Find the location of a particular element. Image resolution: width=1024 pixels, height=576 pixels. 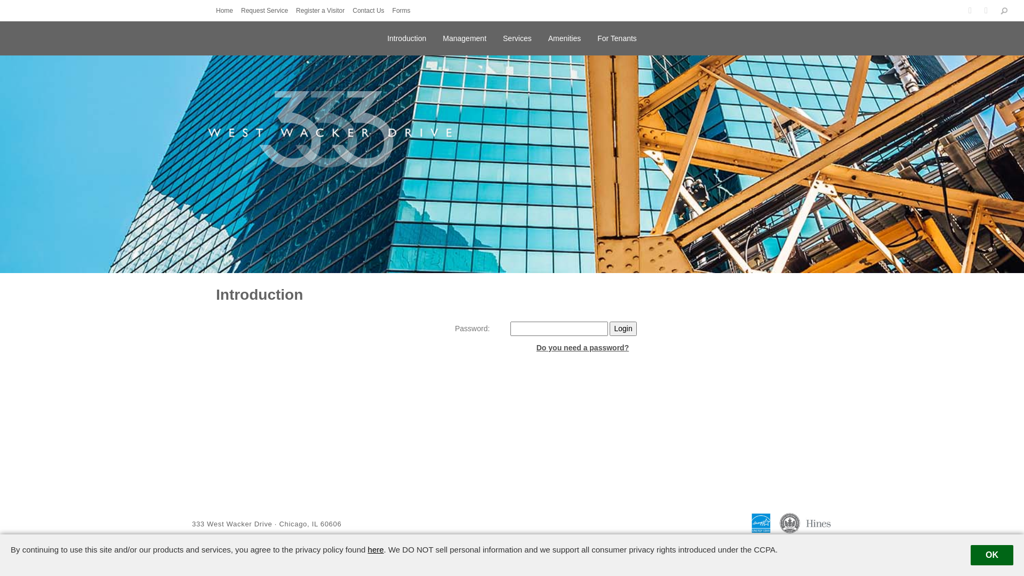

'Home' is located at coordinates (227, 10).